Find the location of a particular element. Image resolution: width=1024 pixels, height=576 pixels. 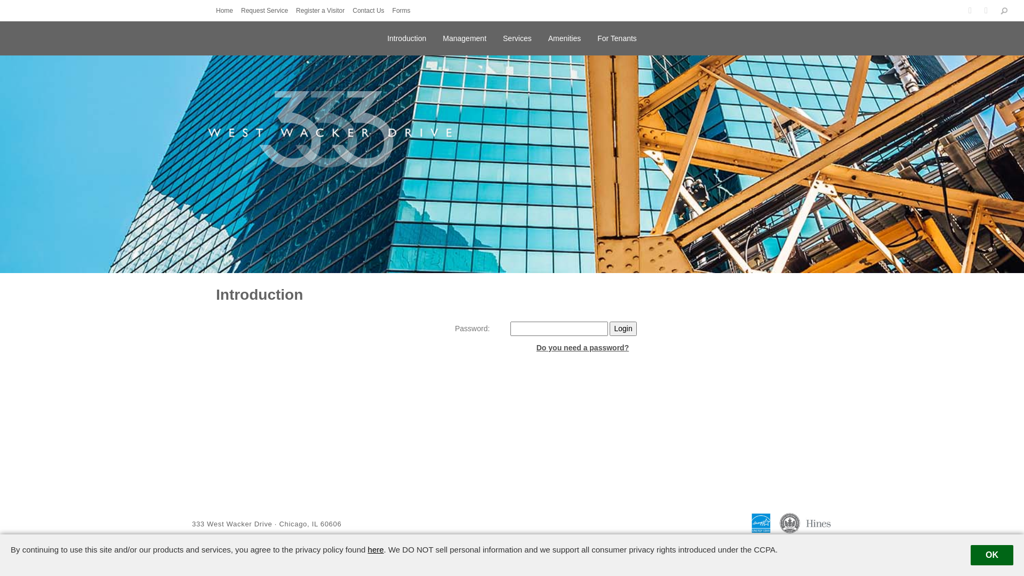

'Home' is located at coordinates (227, 10).